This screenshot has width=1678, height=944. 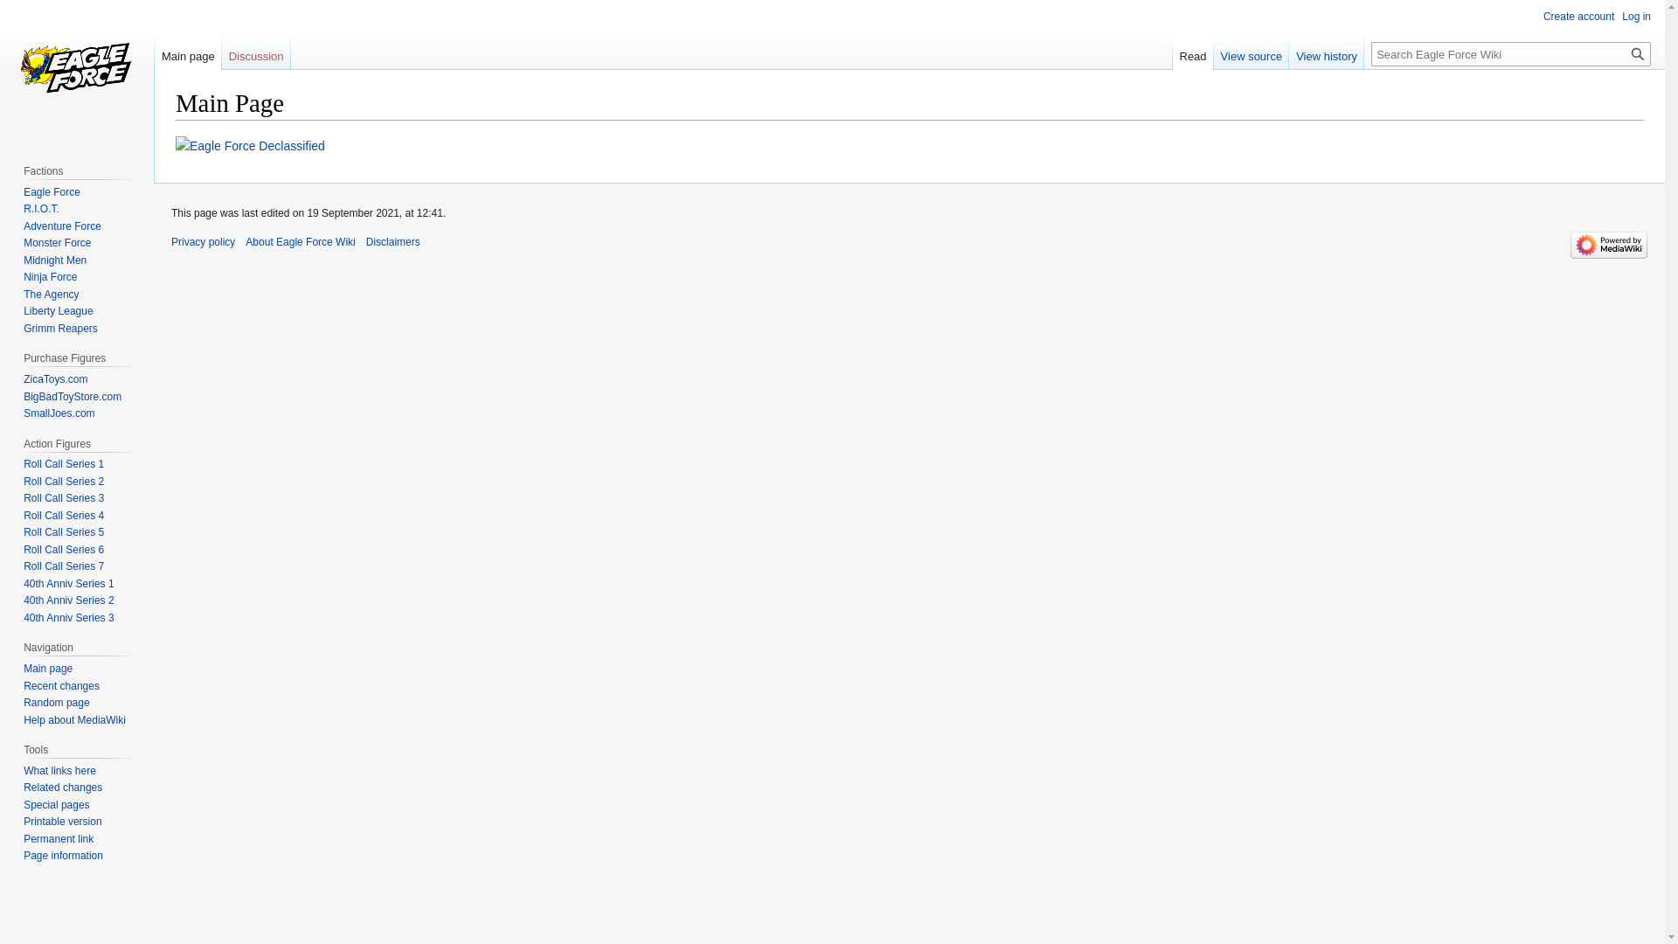 What do you see at coordinates (54, 260) in the screenshot?
I see `'Midnight Men'` at bounding box center [54, 260].